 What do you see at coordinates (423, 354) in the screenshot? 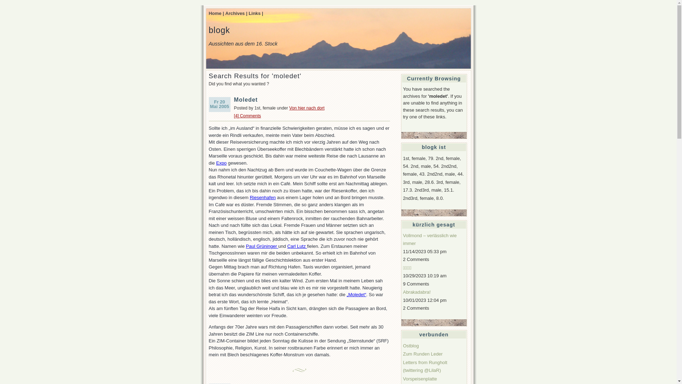
I see `'Zum Runden Leder'` at bounding box center [423, 354].